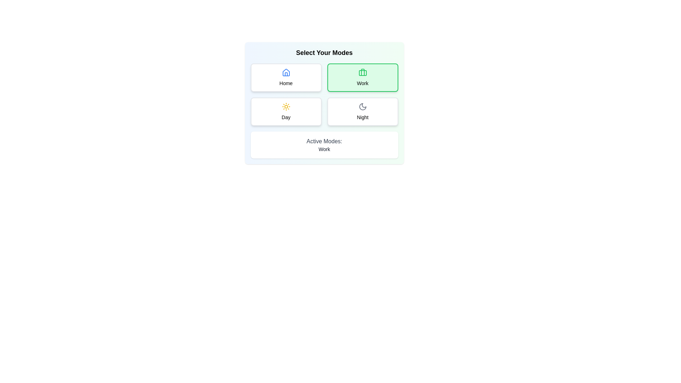 The width and height of the screenshot is (681, 383). I want to click on the mode Home by clicking its corresponding button, so click(286, 78).